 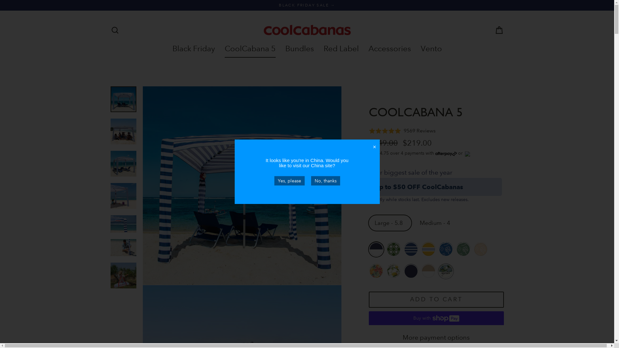 I want to click on 'Red Label', so click(x=340, y=48).